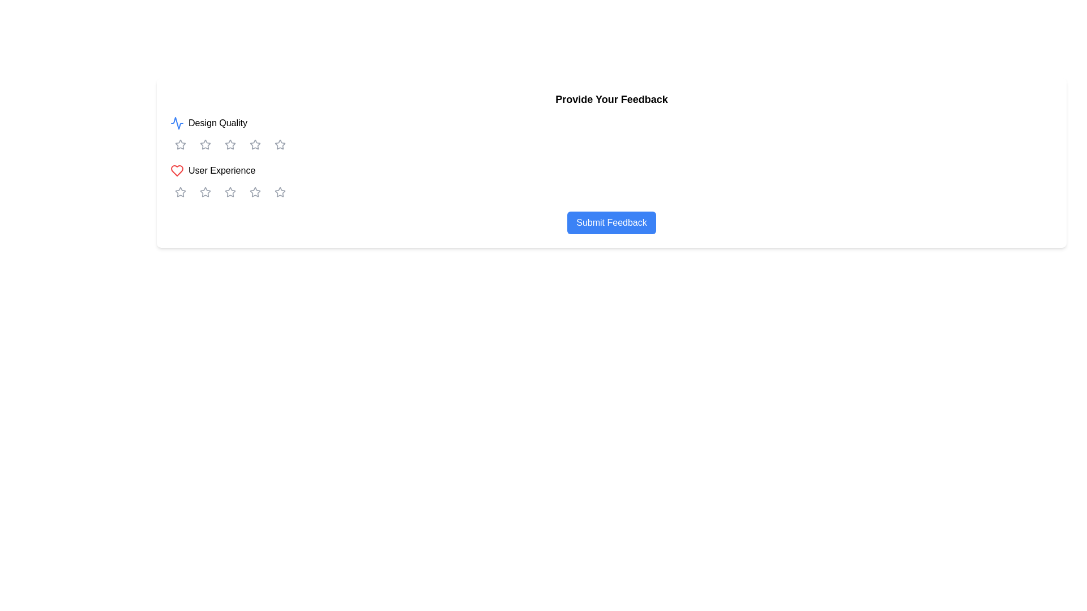  Describe the element at coordinates (206, 144) in the screenshot. I see `the inactive star icon, which is the second star in the row associated with 'Design Quality', located beneath the 'Design Quality' label` at that location.